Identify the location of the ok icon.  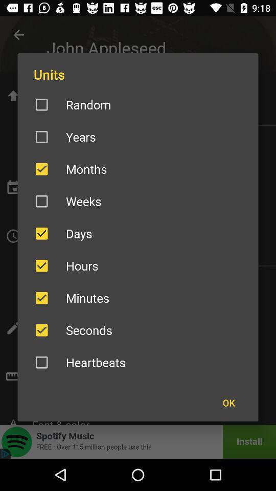
(228, 403).